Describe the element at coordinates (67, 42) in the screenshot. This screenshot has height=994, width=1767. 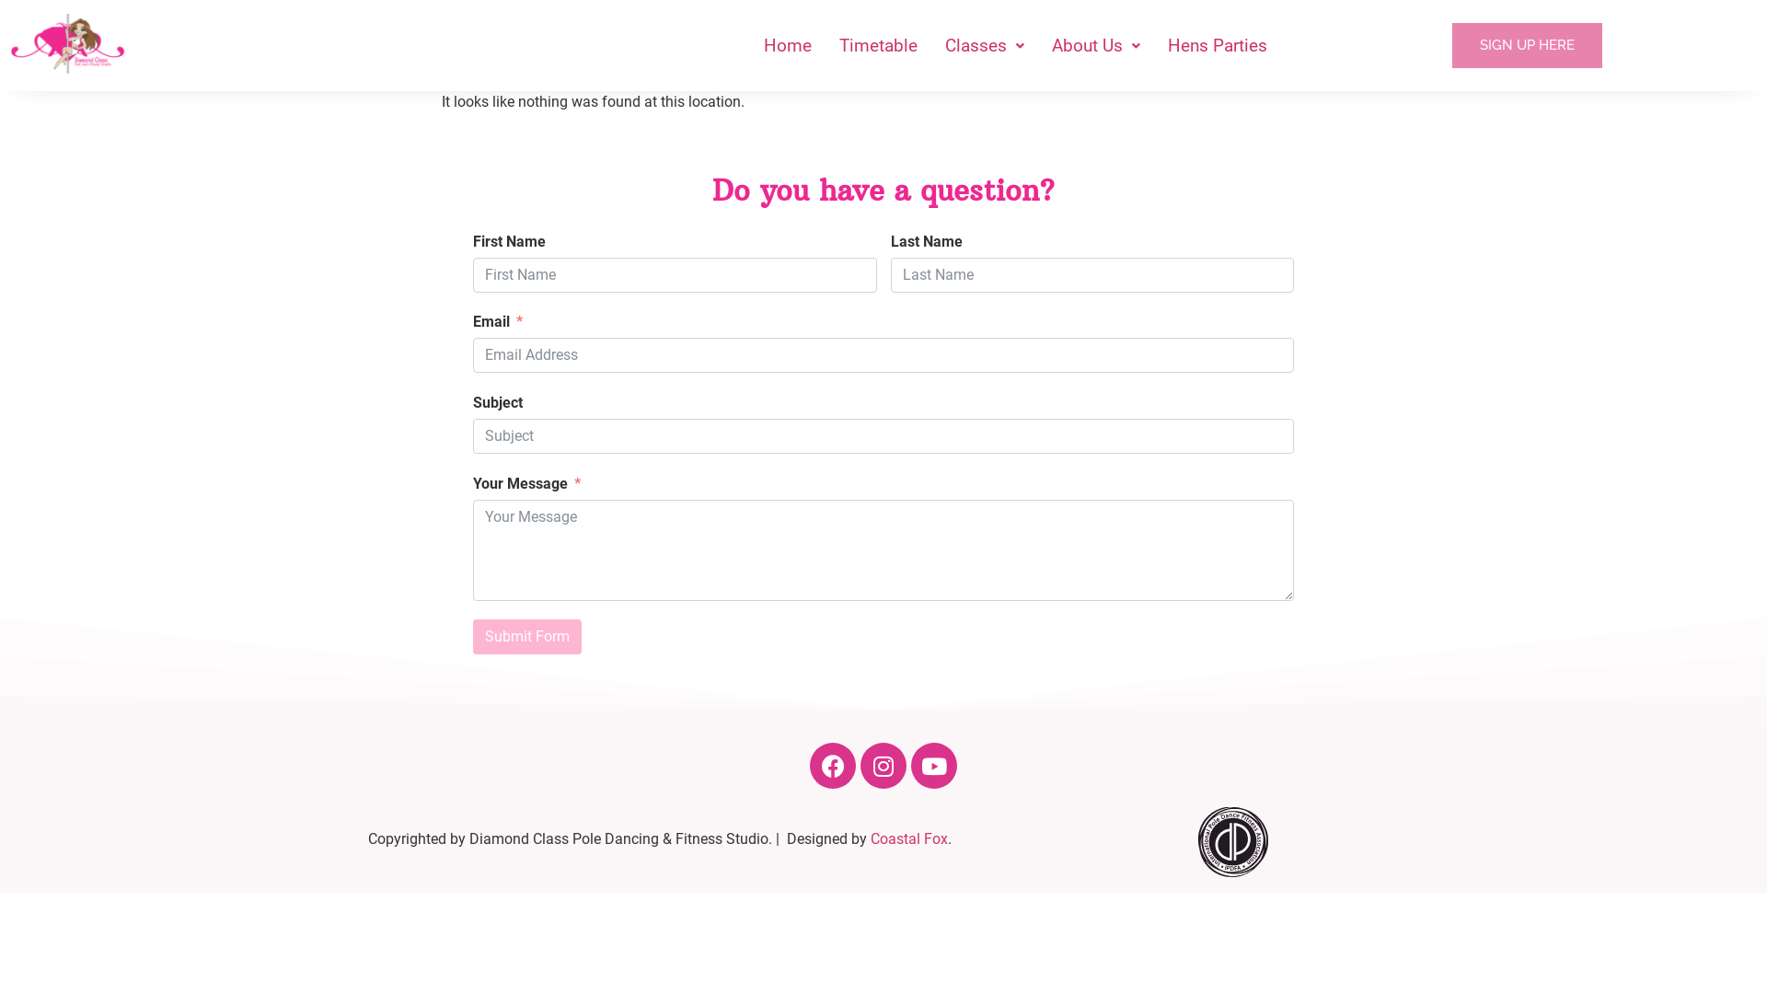
I see `'Diamond Class Pole and Fitness Studio Hobart'` at that location.